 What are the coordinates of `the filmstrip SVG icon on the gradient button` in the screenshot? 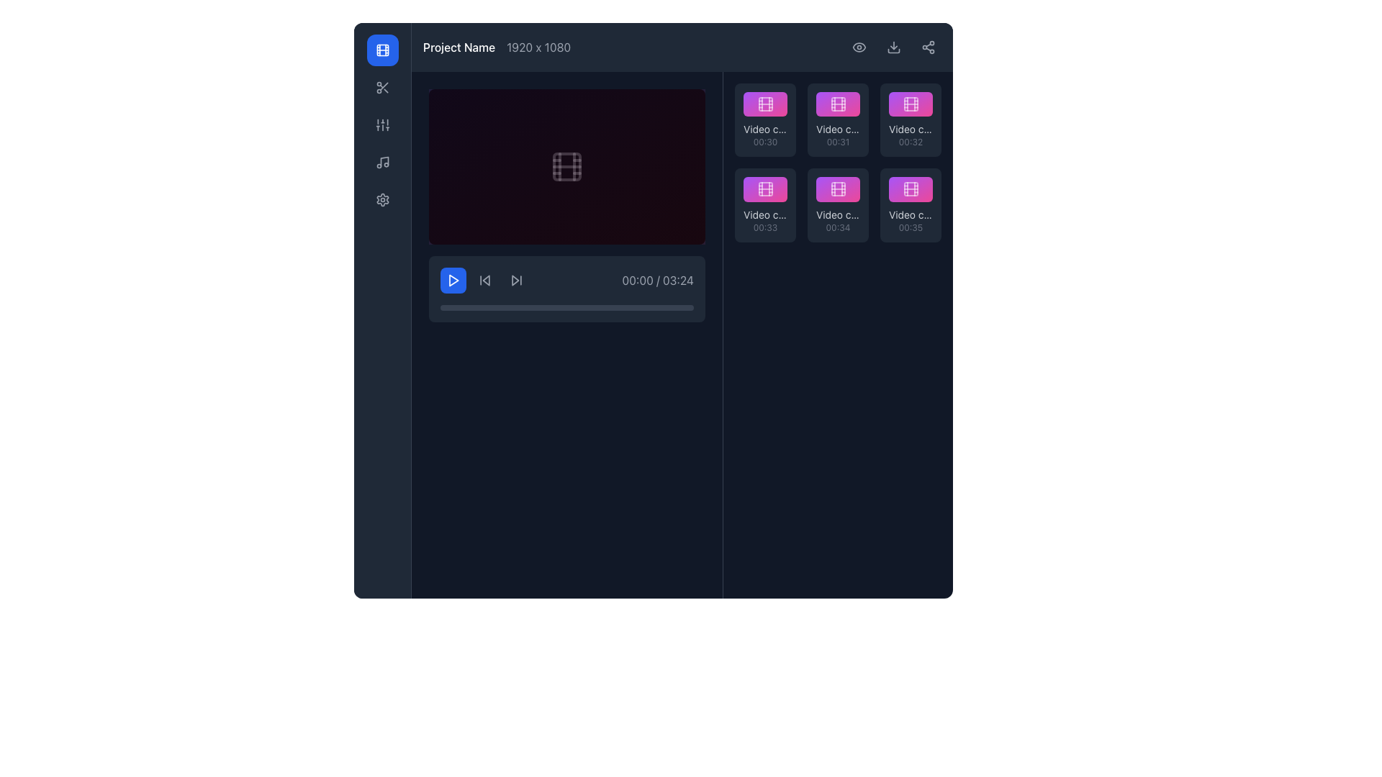 It's located at (910, 188).